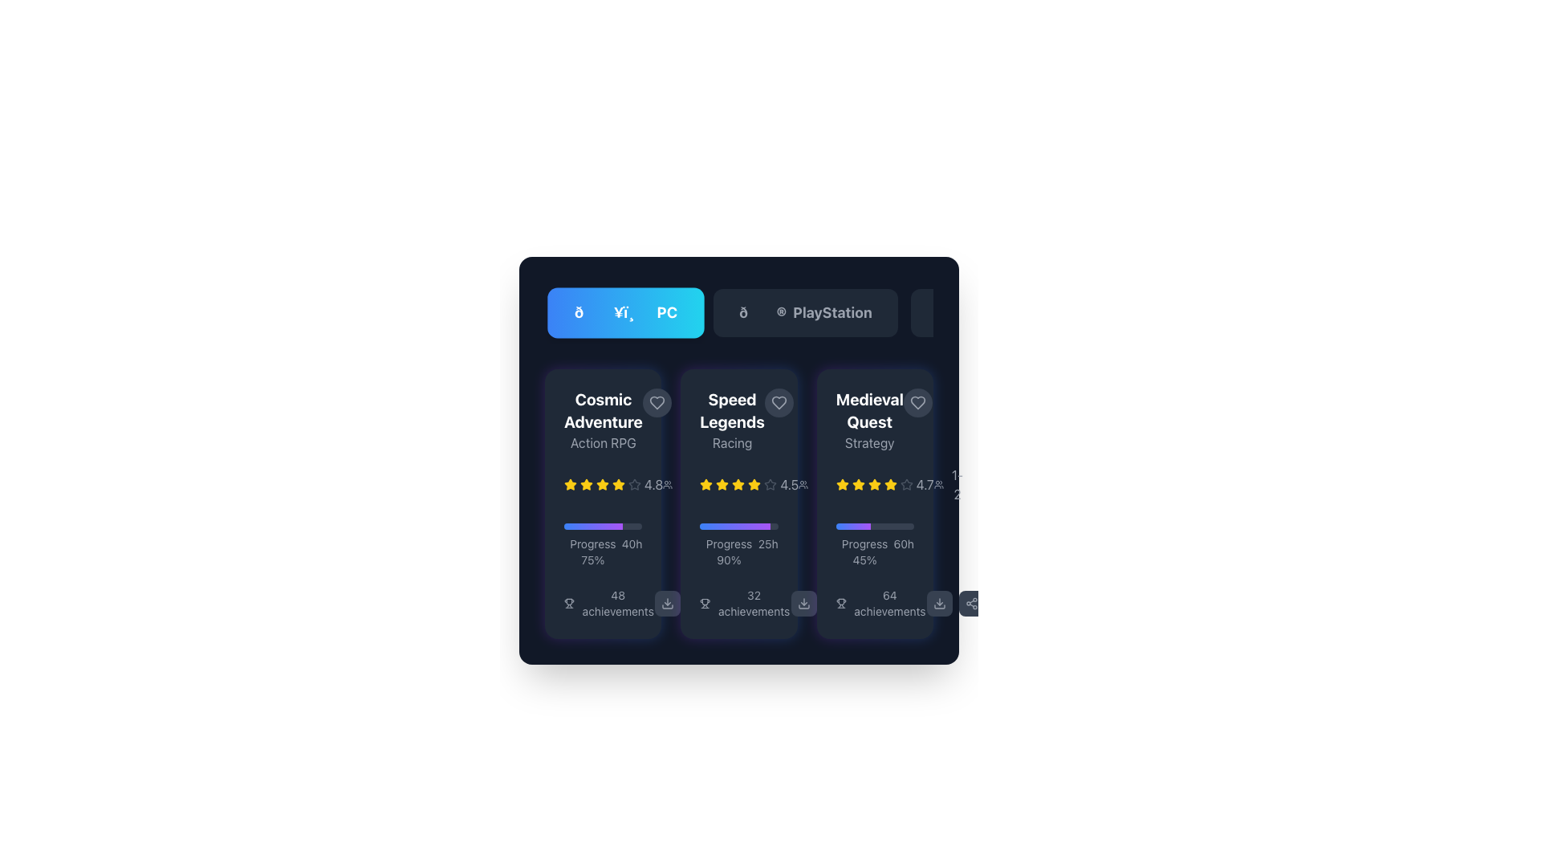 The image size is (1541, 867). Describe the element at coordinates (738, 484) in the screenshot. I see `the star rating display within the 'Speed Legends' card, which consists of four filled yellow stars and one empty star` at that location.